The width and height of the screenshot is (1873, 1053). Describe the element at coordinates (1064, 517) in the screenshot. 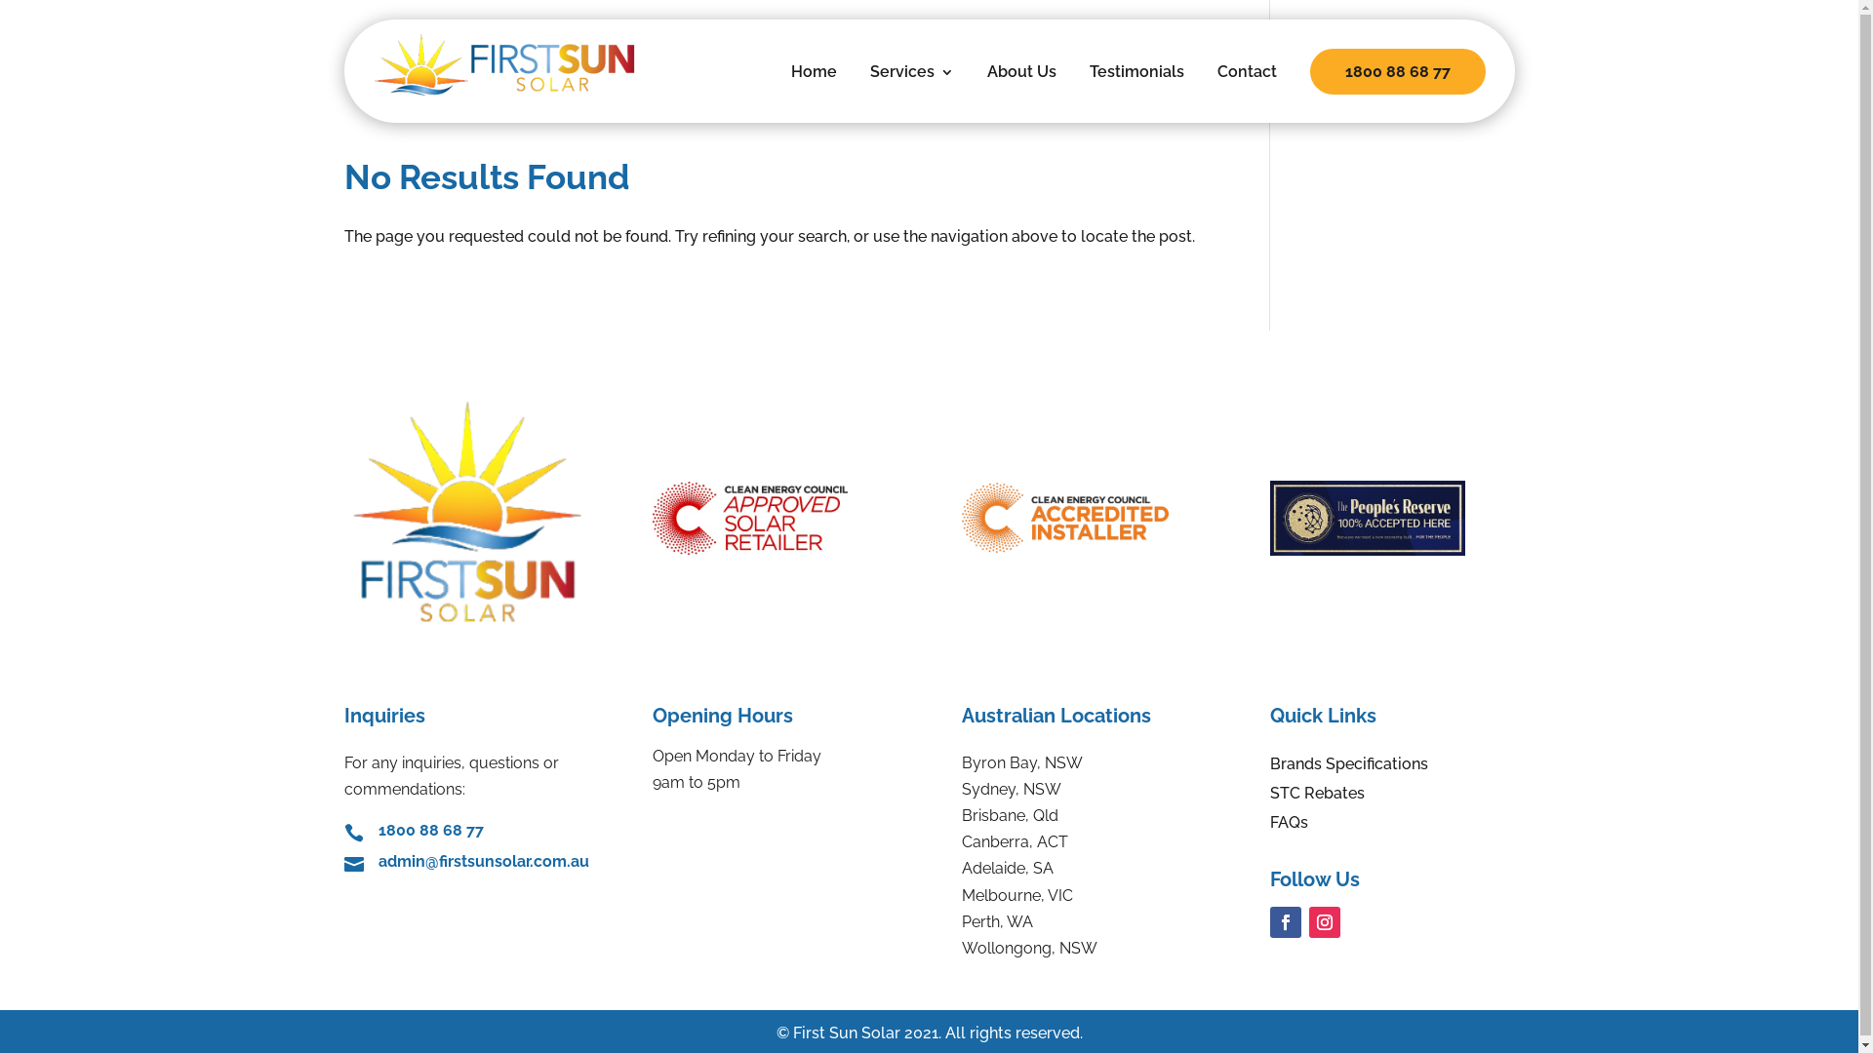

I see `'CEC accredited installer'` at that location.